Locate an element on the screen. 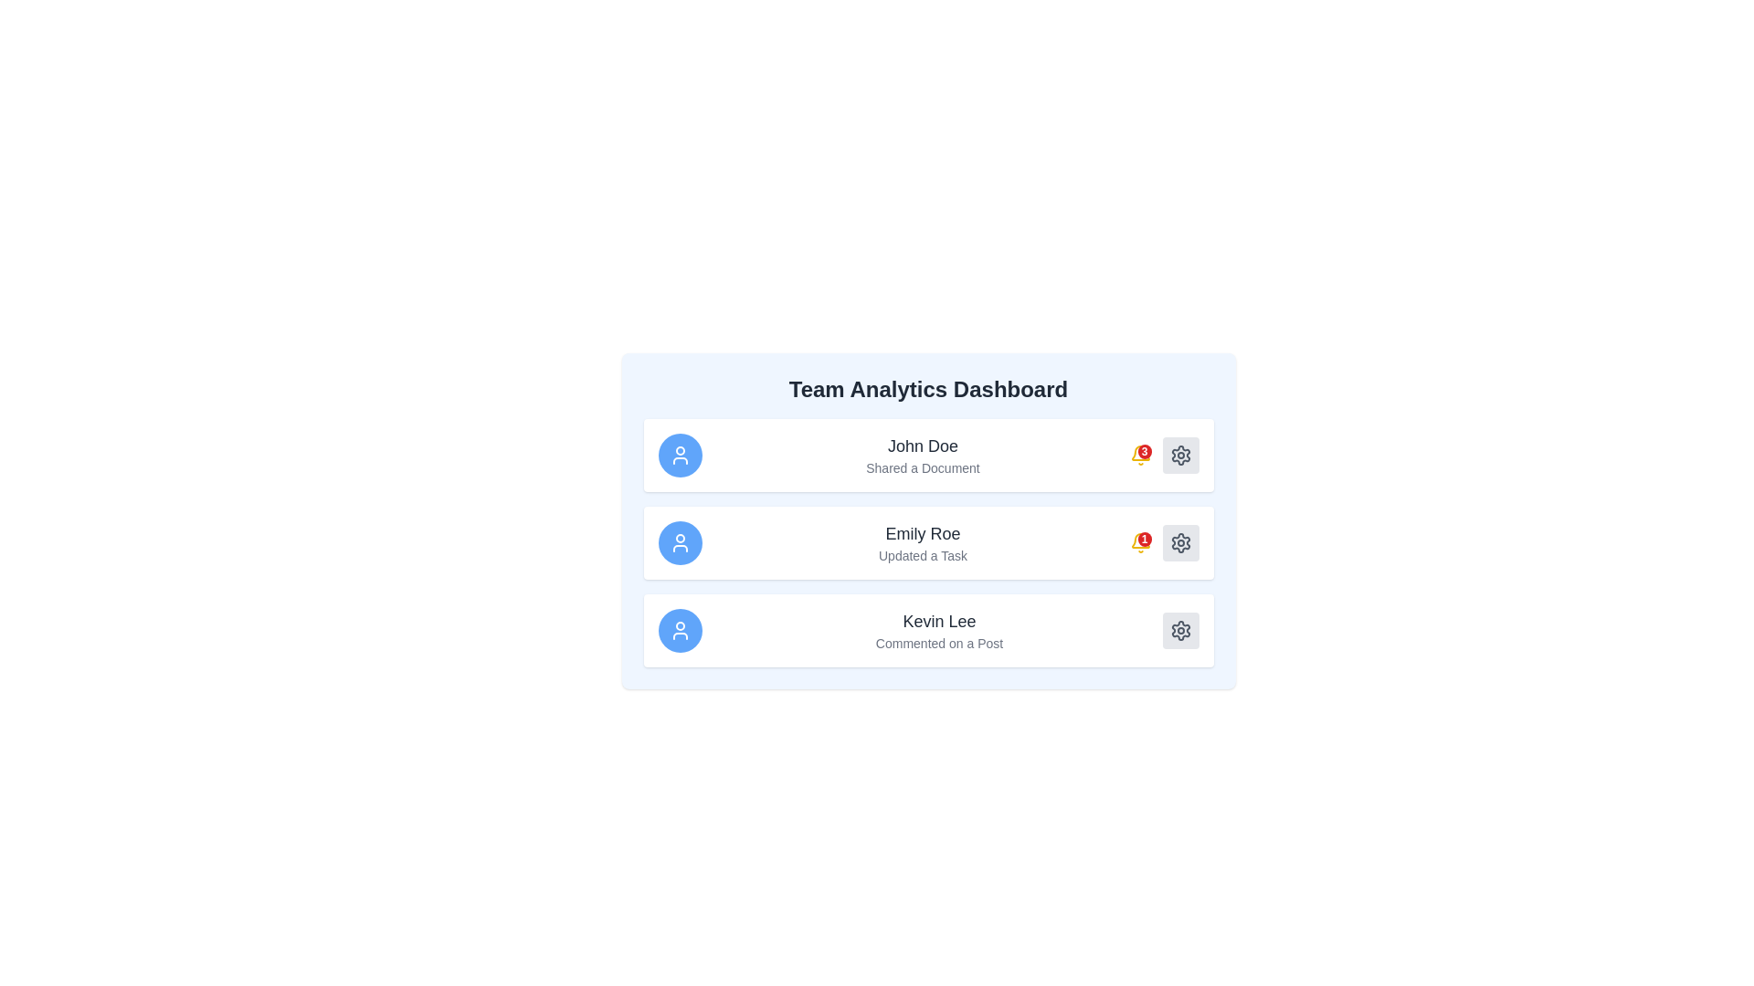  the text label that identifies 'John Doe' is located at coordinates (923, 446).